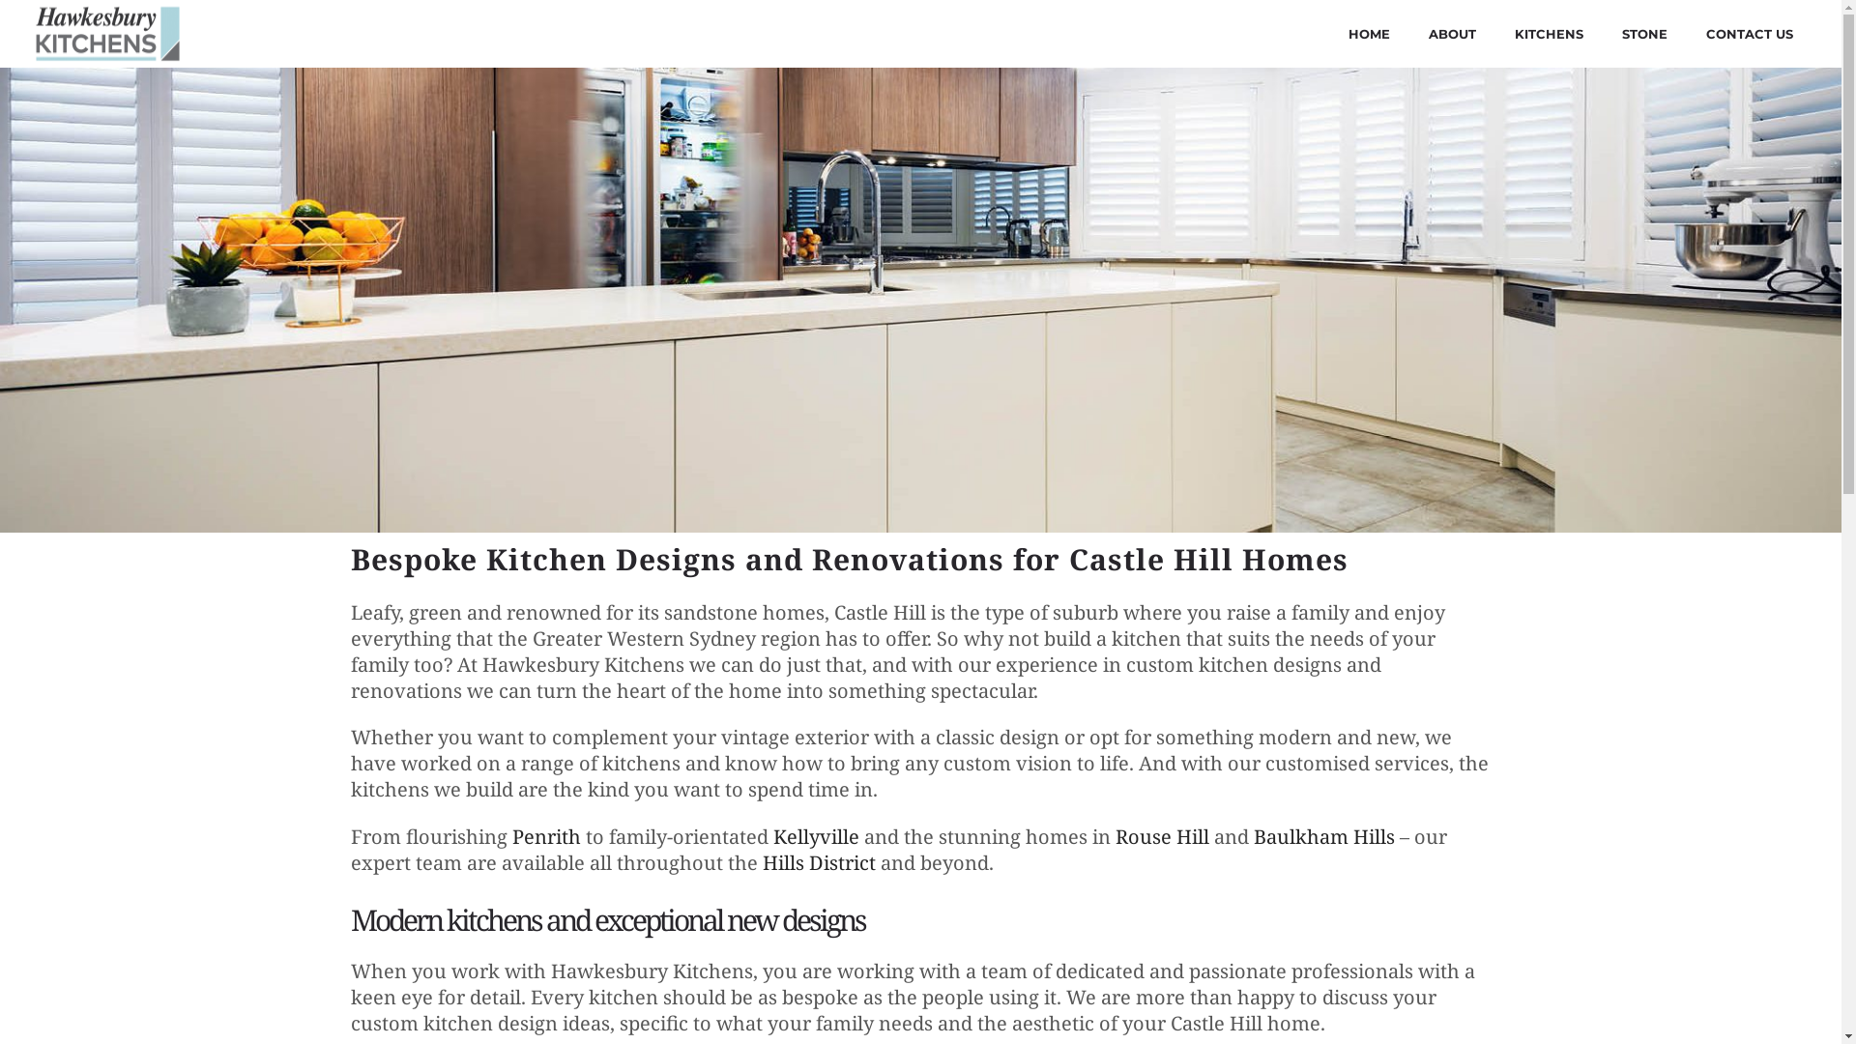  Describe the element at coordinates (1321, 835) in the screenshot. I see `'Baulkham Hills'` at that location.